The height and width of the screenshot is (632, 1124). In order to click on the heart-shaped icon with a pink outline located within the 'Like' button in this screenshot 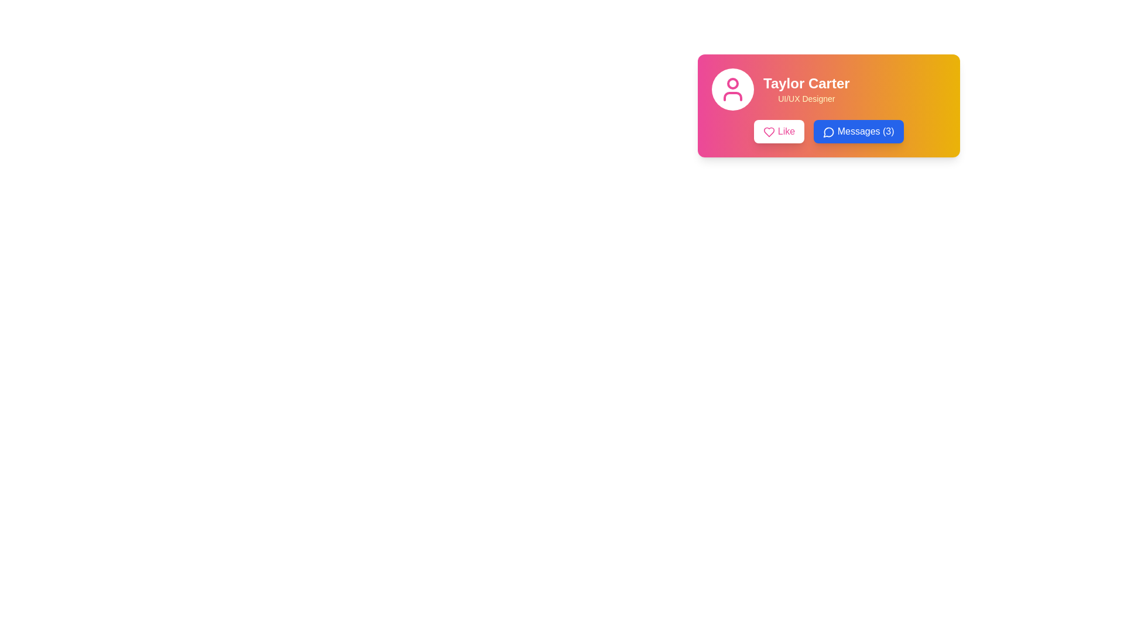, I will do `click(769, 132)`.